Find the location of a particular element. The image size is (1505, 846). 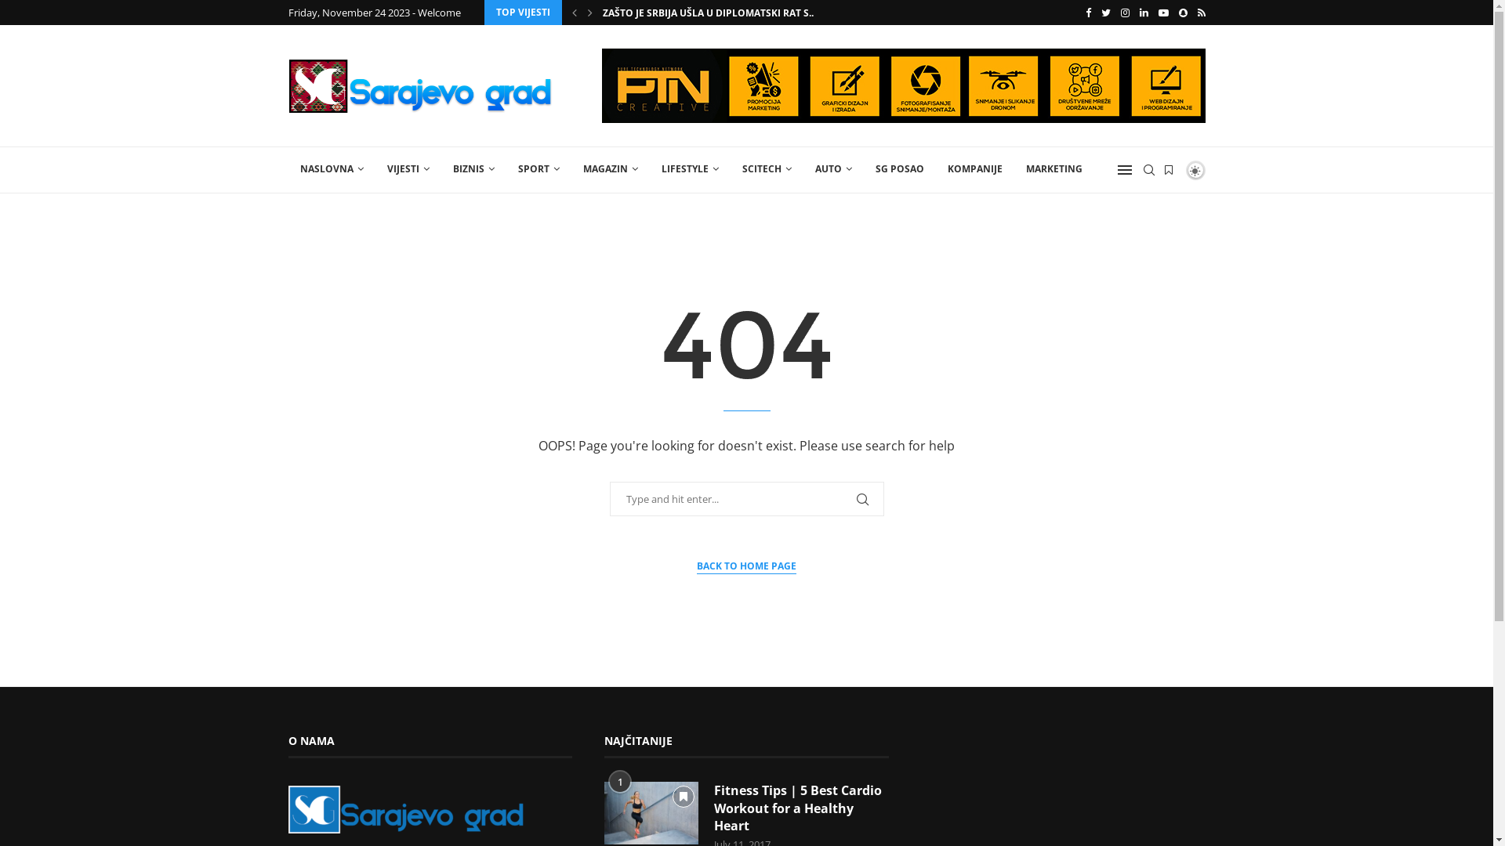

'Bookmark' is located at coordinates (1167, 169).